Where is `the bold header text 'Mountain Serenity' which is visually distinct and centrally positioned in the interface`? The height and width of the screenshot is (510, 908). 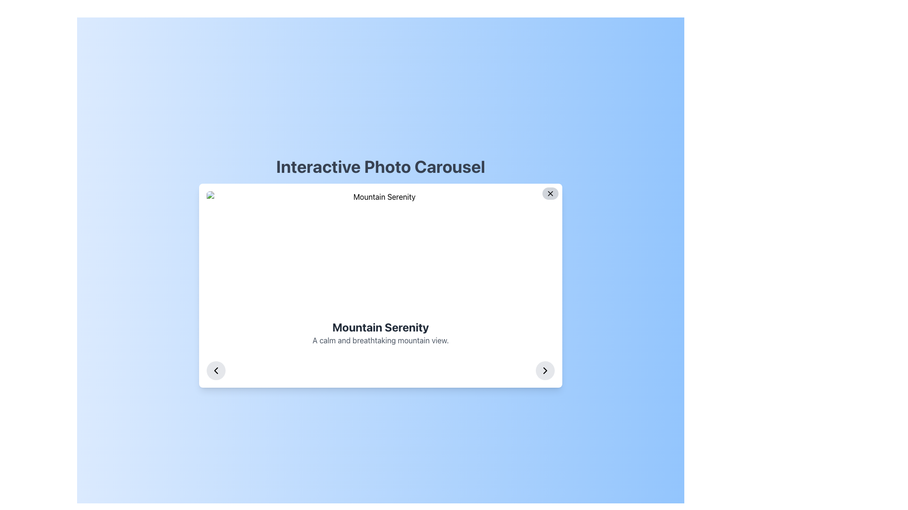 the bold header text 'Mountain Serenity' which is visually distinct and centrally positioned in the interface is located at coordinates (381, 327).